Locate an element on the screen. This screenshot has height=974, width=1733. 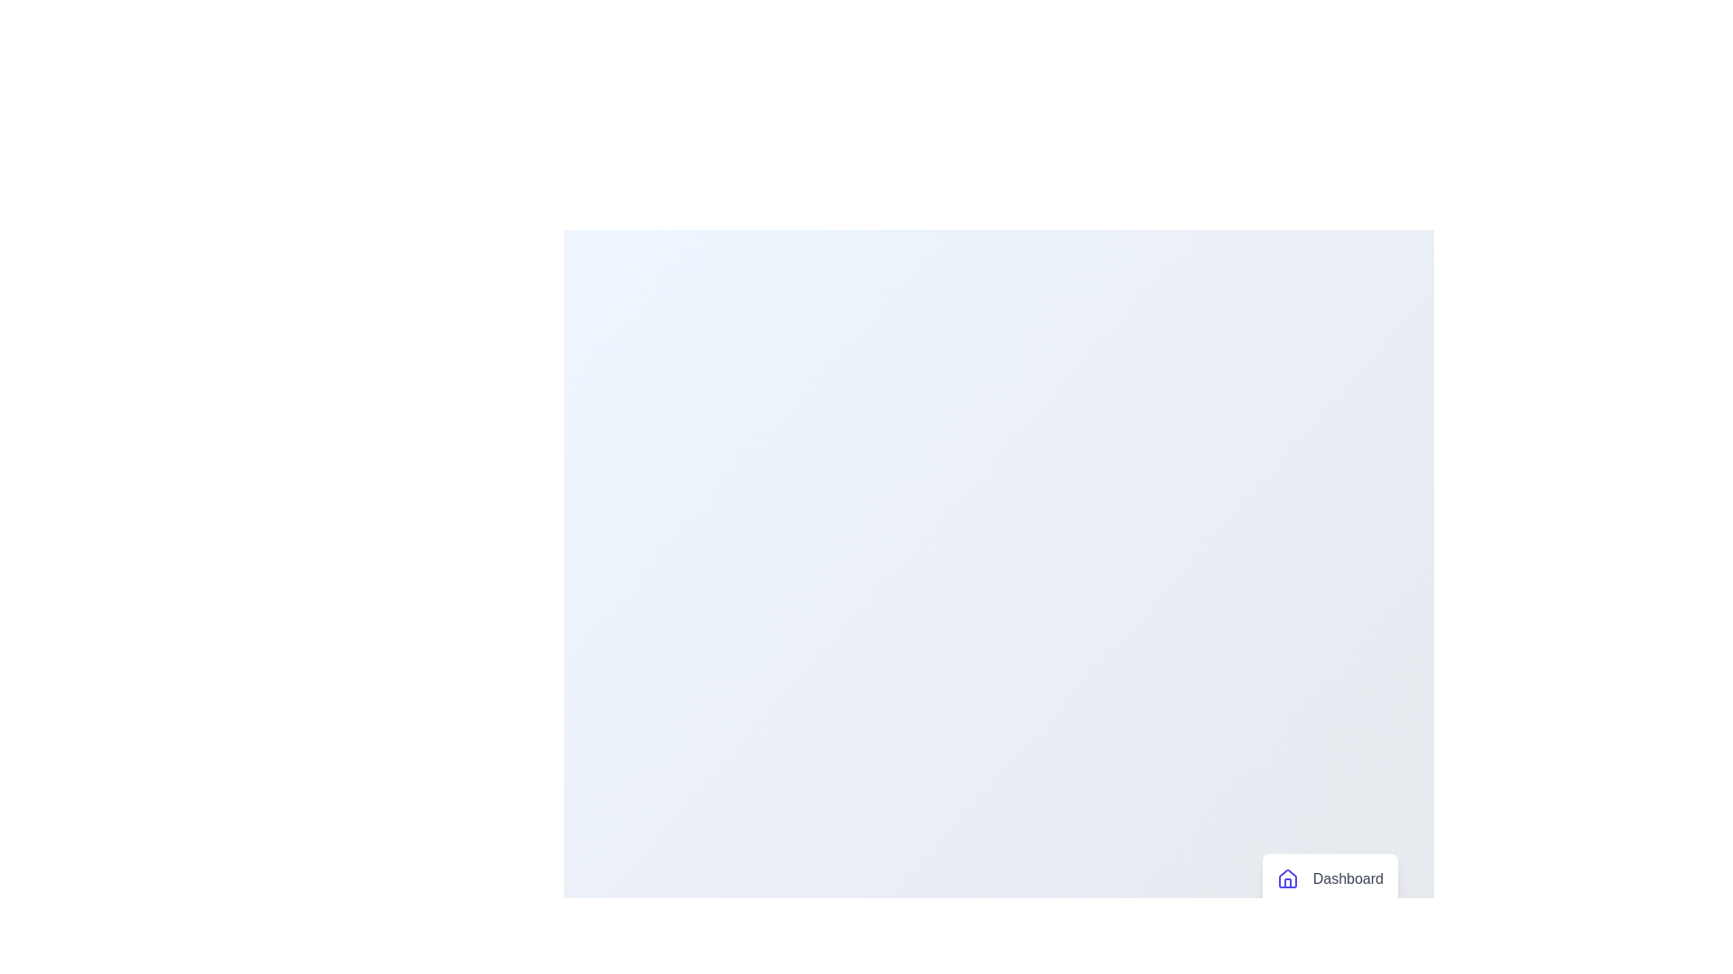
the menu item labeled 'Dashboard' to observe its hover effect is located at coordinates (1330, 878).